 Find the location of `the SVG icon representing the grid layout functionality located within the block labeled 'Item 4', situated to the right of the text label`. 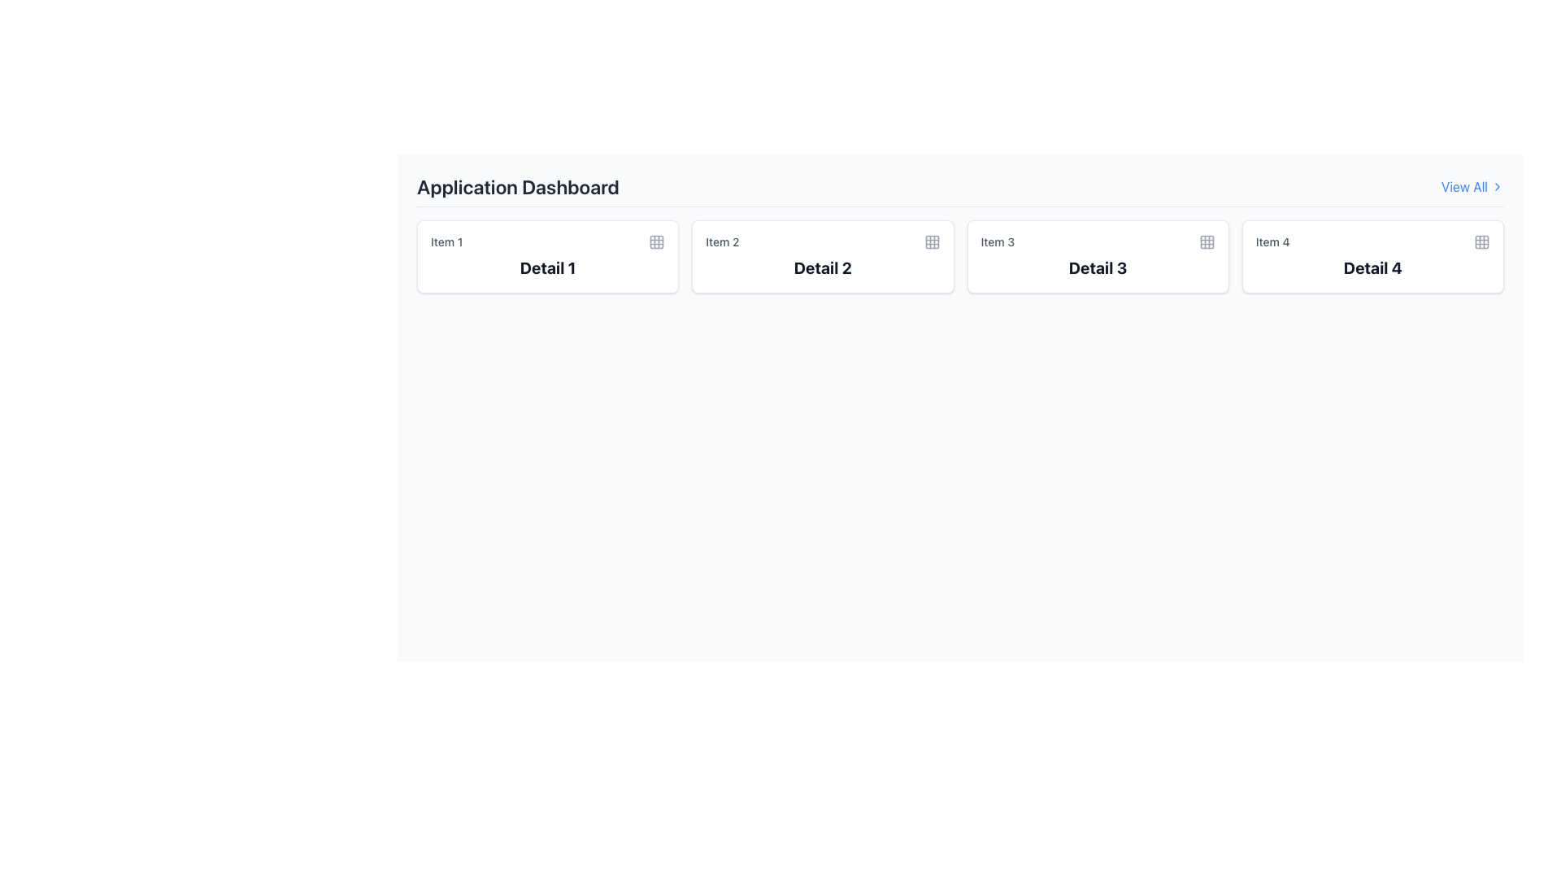

the SVG icon representing the grid layout functionality located within the block labeled 'Item 4', situated to the right of the text label is located at coordinates (1482, 241).